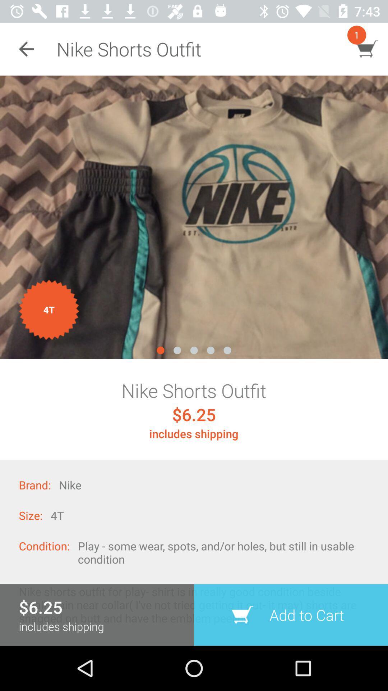 Image resolution: width=388 pixels, height=691 pixels. I want to click on photo, so click(194, 217).